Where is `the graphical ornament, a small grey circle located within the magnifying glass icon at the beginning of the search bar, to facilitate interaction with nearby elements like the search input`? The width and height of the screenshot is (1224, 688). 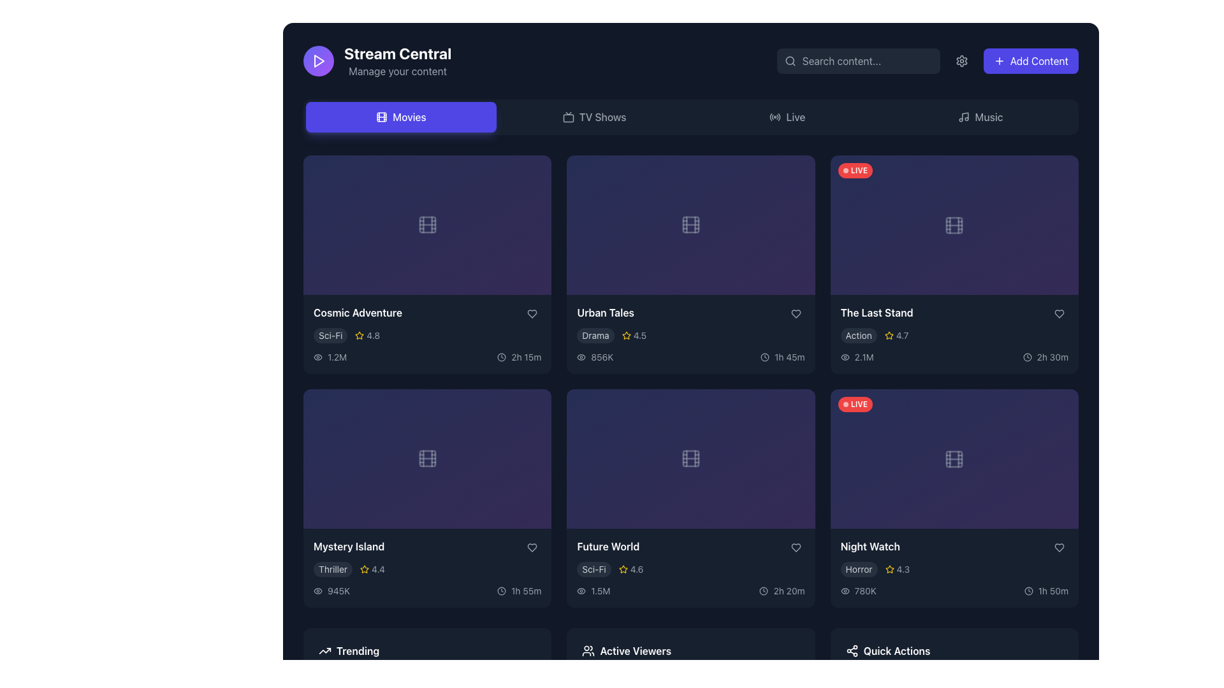 the graphical ornament, a small grey circle located within the magnifying glass icon at the beginning of the search bar, to facilitate interaction with nearby elements like the search input is located at coordinates (789, 61).